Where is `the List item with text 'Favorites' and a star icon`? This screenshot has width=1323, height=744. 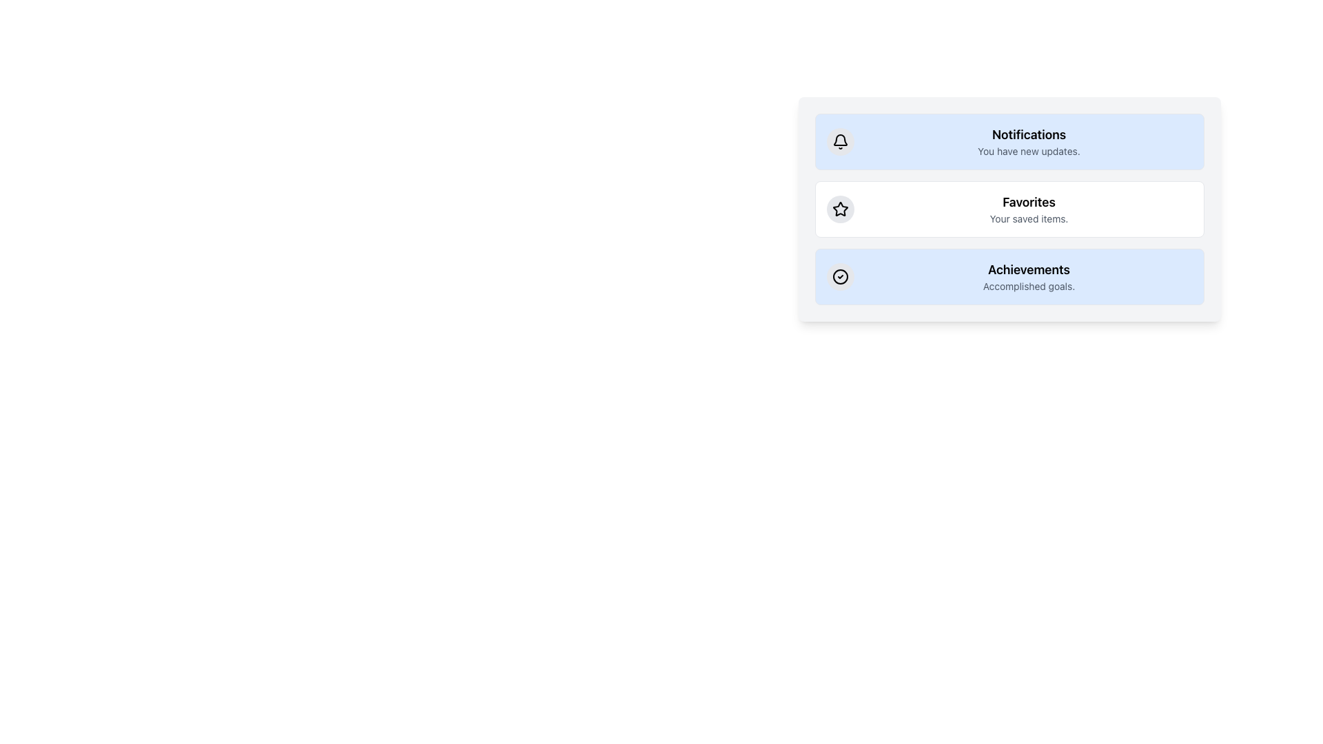
the List item with text 'Favorites' and a star icon is located at coordinates (1009, 209).